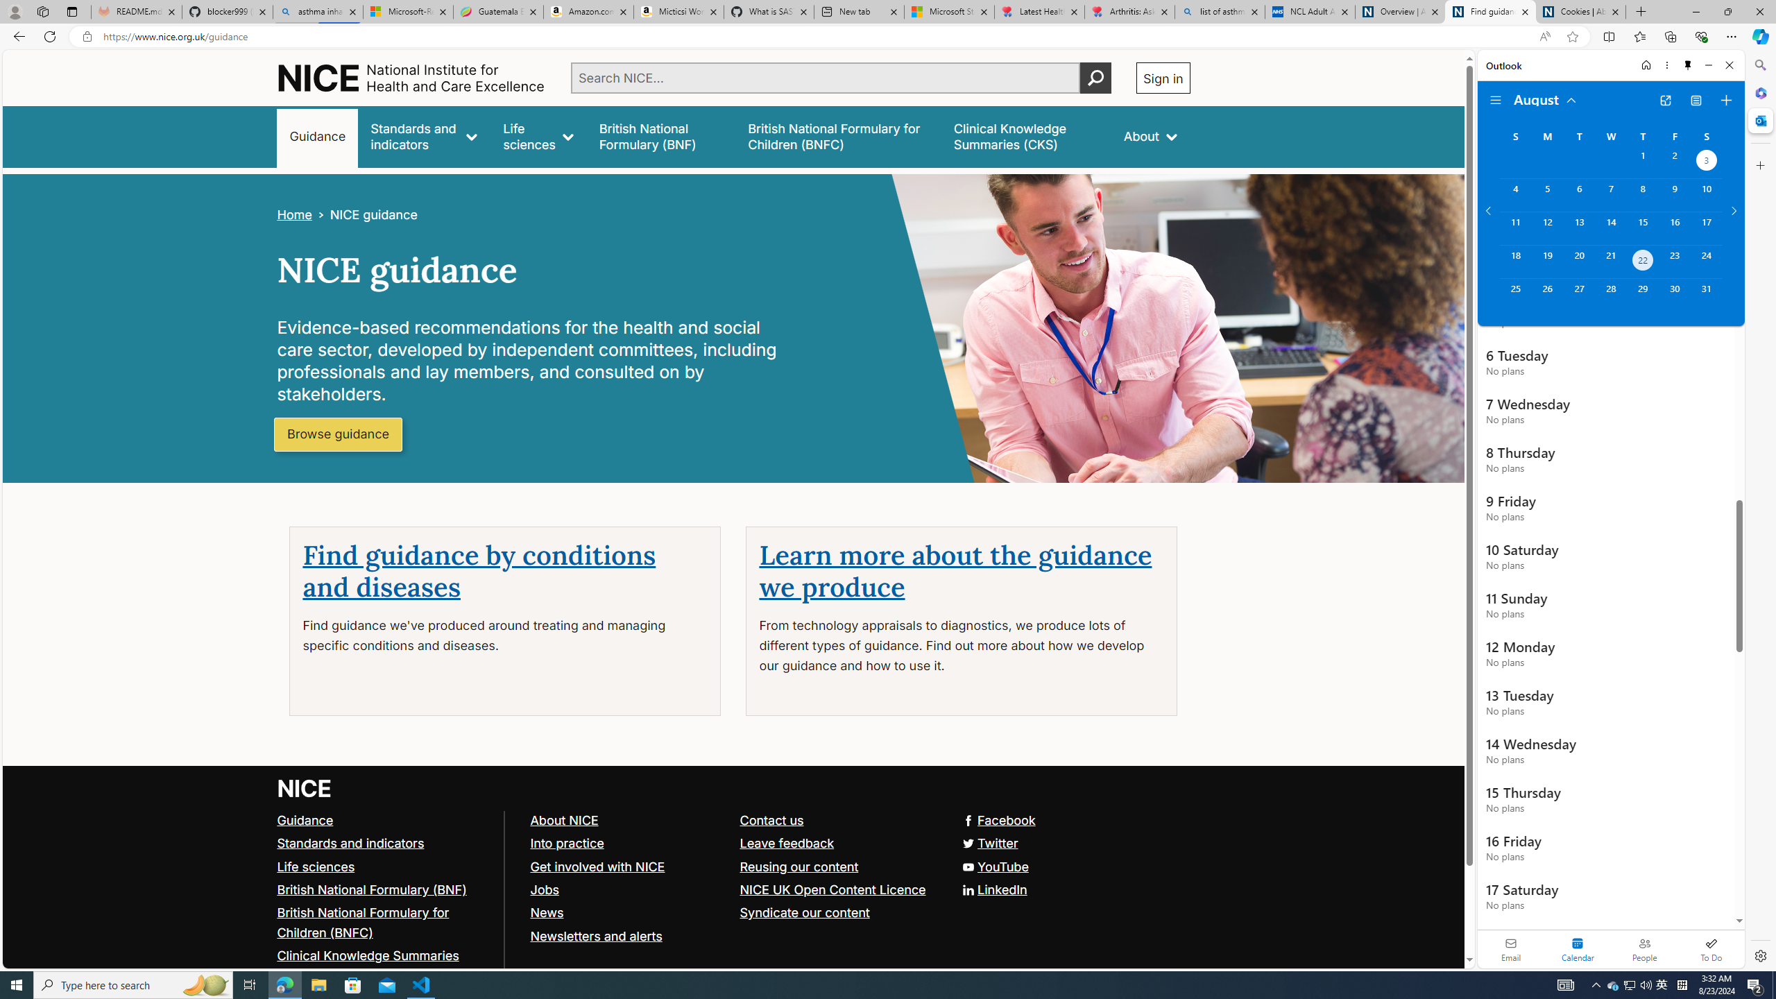 The width and height of the screenshot is (1776, 999). Describe the element at coordinates (993, 866) in the screenshot. I see `'YouTube'` at that location.